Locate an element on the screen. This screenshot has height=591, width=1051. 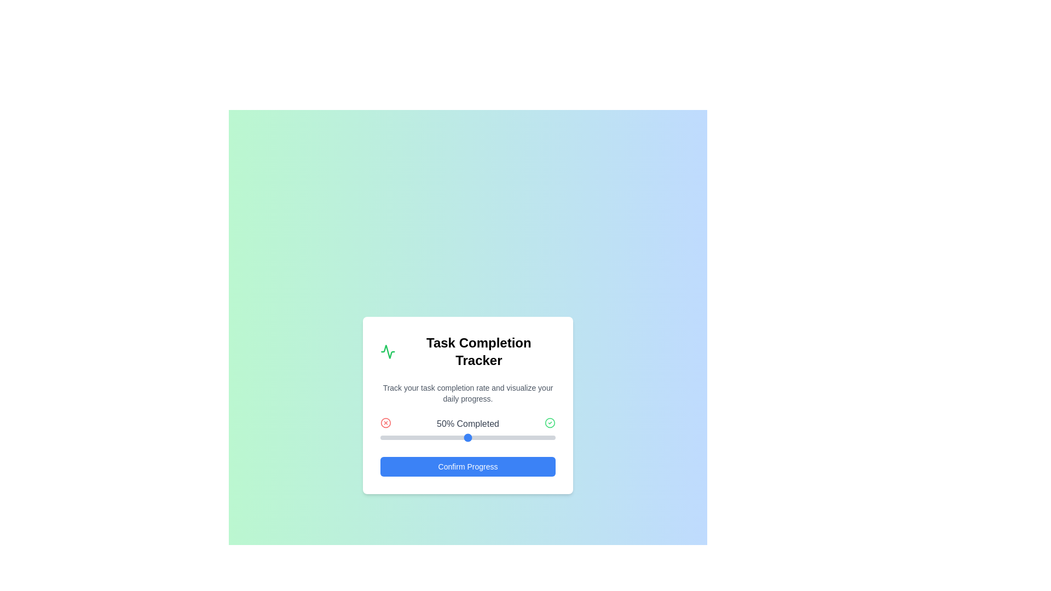
the slider to set the progress to 87% is located at coordinates (533, 437).